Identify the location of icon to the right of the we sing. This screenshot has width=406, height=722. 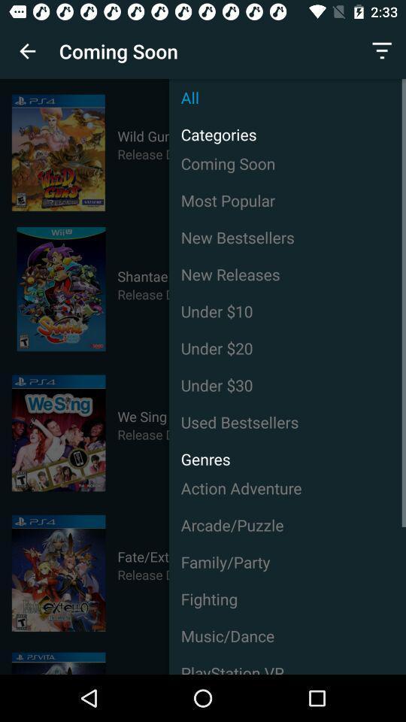
(287, 384).